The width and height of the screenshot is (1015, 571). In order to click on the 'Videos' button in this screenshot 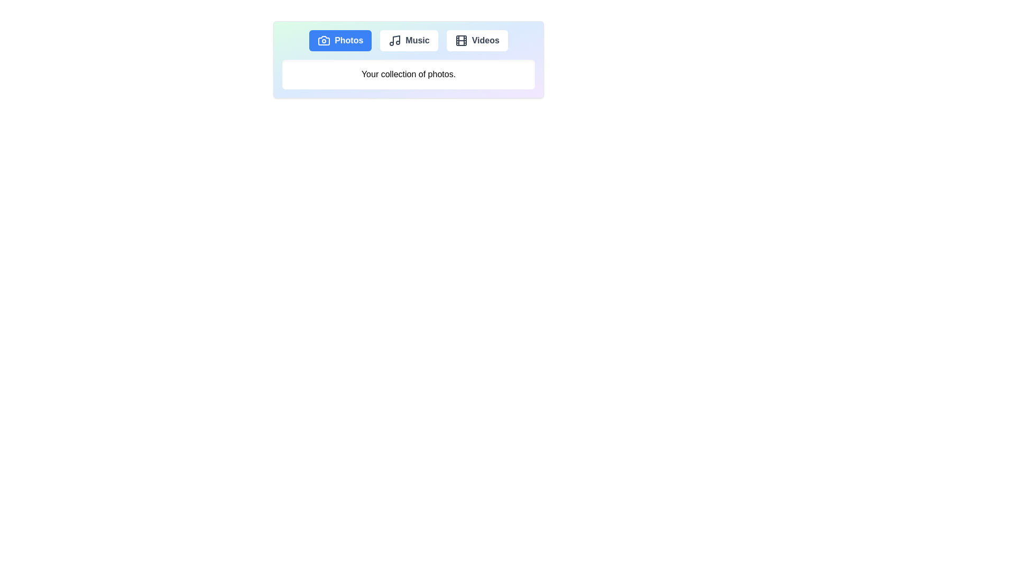, I will do `click(476, 40)`.